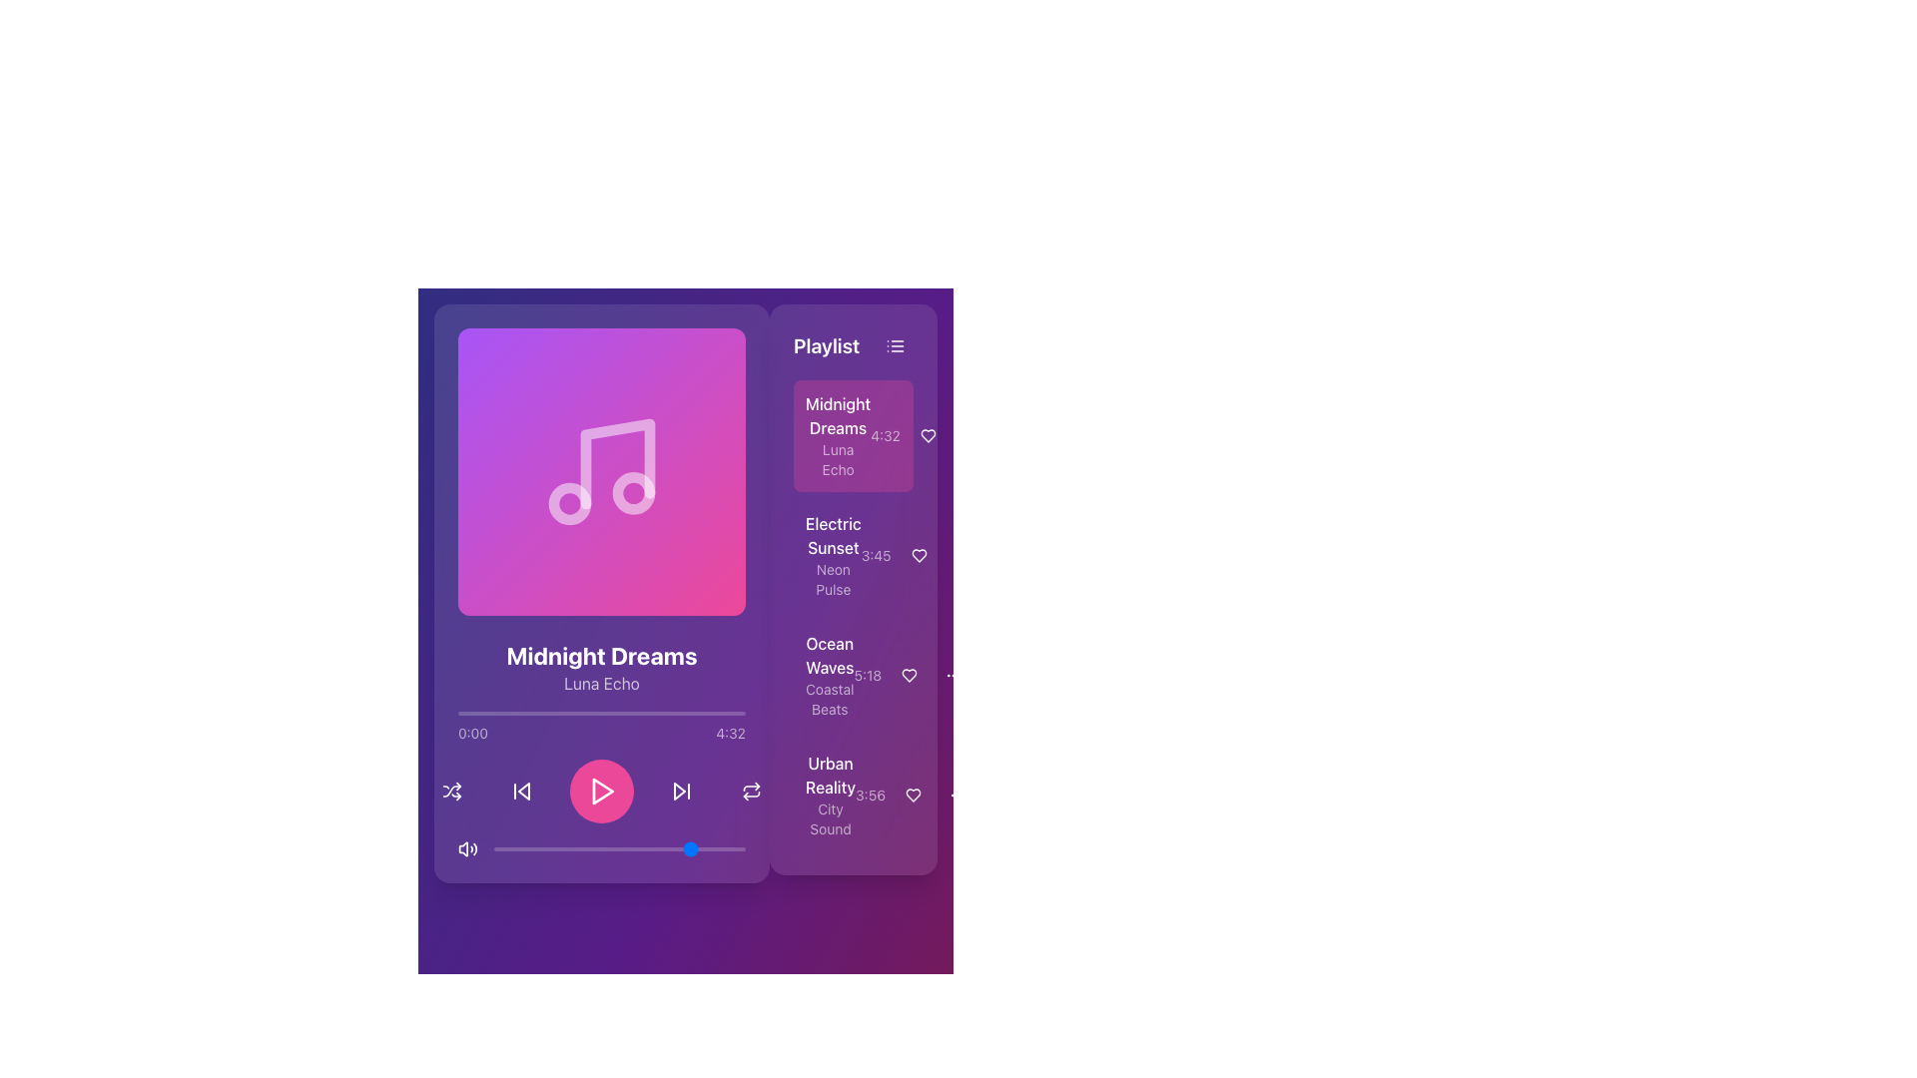 Image resolution: width=1917 pixels, height=1078 pixels. I want to click on playback position, so click(645, 712).